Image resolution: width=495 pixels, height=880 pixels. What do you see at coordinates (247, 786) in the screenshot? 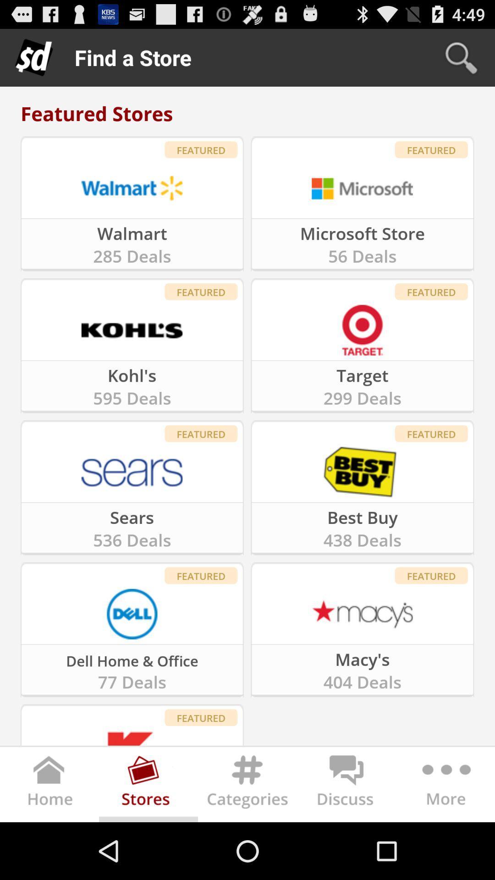
I see `categories` at bounding box center [247, 786].